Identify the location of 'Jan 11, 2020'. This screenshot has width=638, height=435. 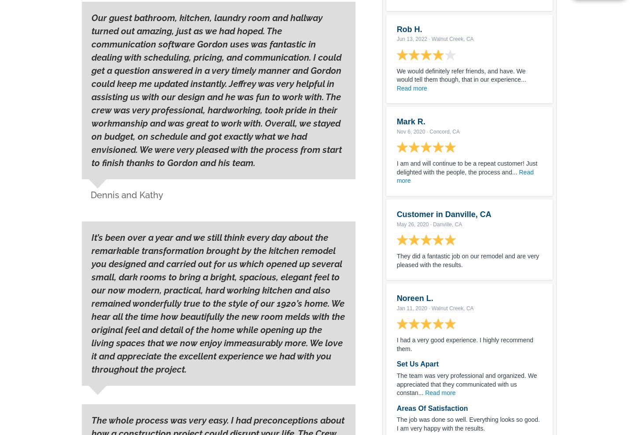
(396, 308).